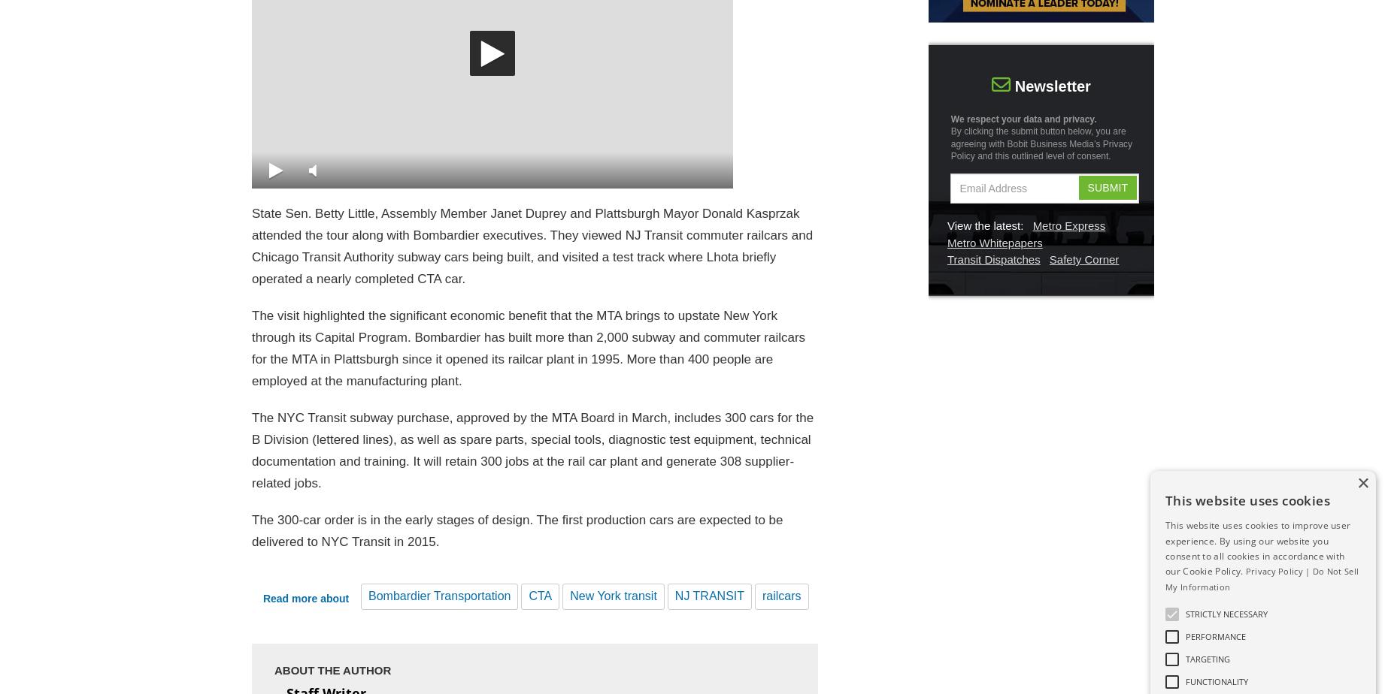 This screenshot has width=1391, height=694. What do you see at coordinates (780, 596) in the screenshot?
I see `'railcars'` at bounding box center [780, 596].